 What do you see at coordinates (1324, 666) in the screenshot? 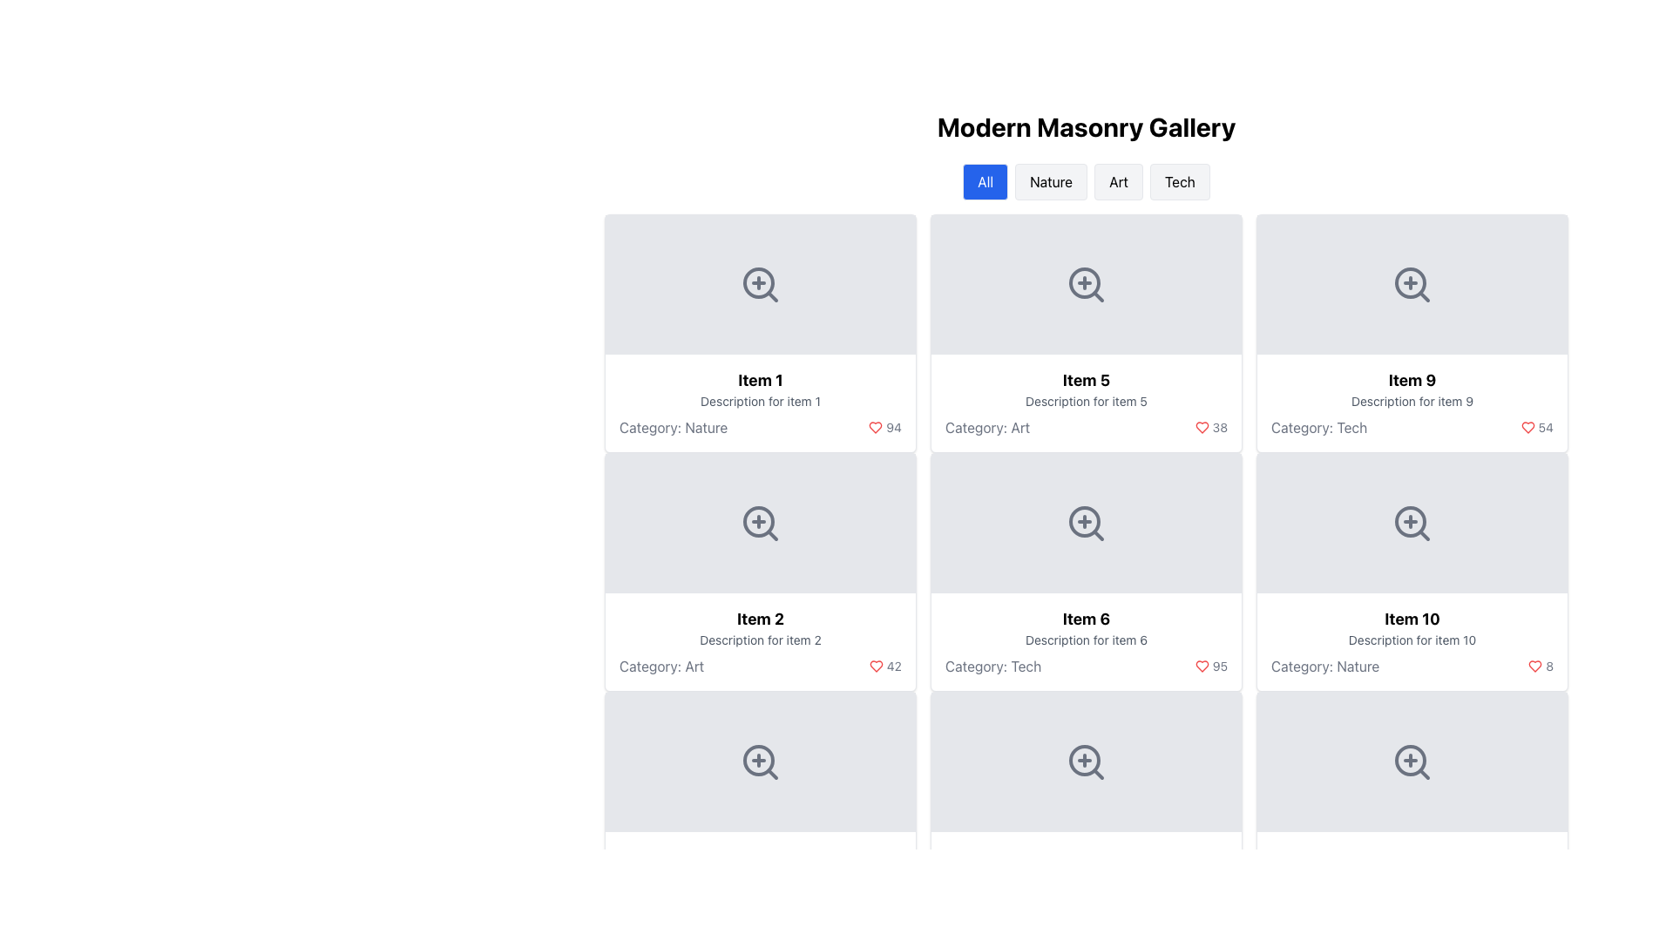
I see `the static text label indicating the category 'Nature', located at the bottom of the 'Item 10' card` at bounding box center [1324, 666].